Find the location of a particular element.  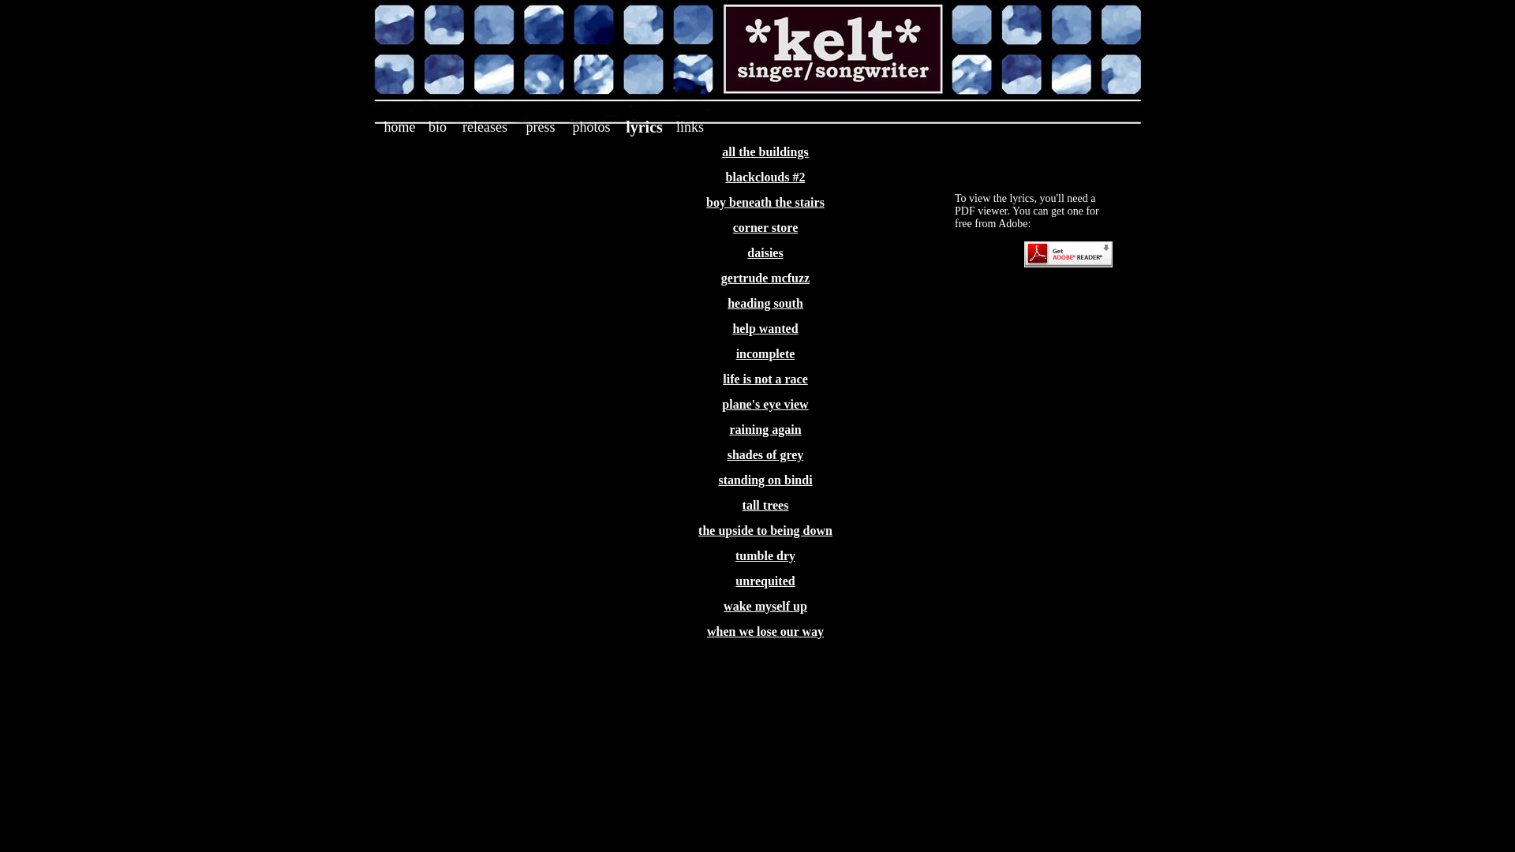

'when we lose our way' is located at coordinates (765, 630).